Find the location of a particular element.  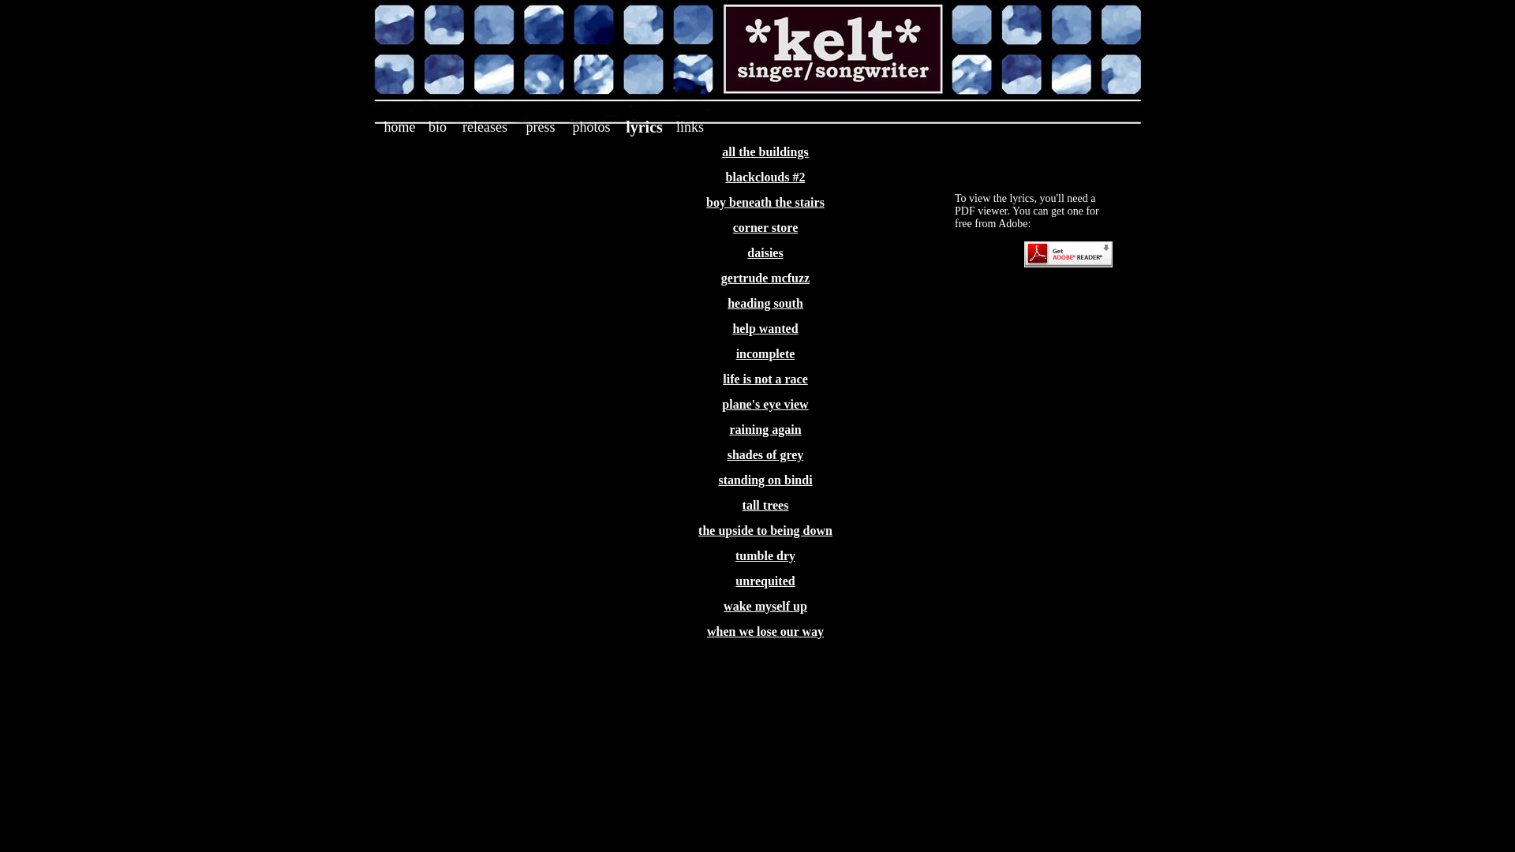

'when we lose our way' is located at coordinates (765, 630).